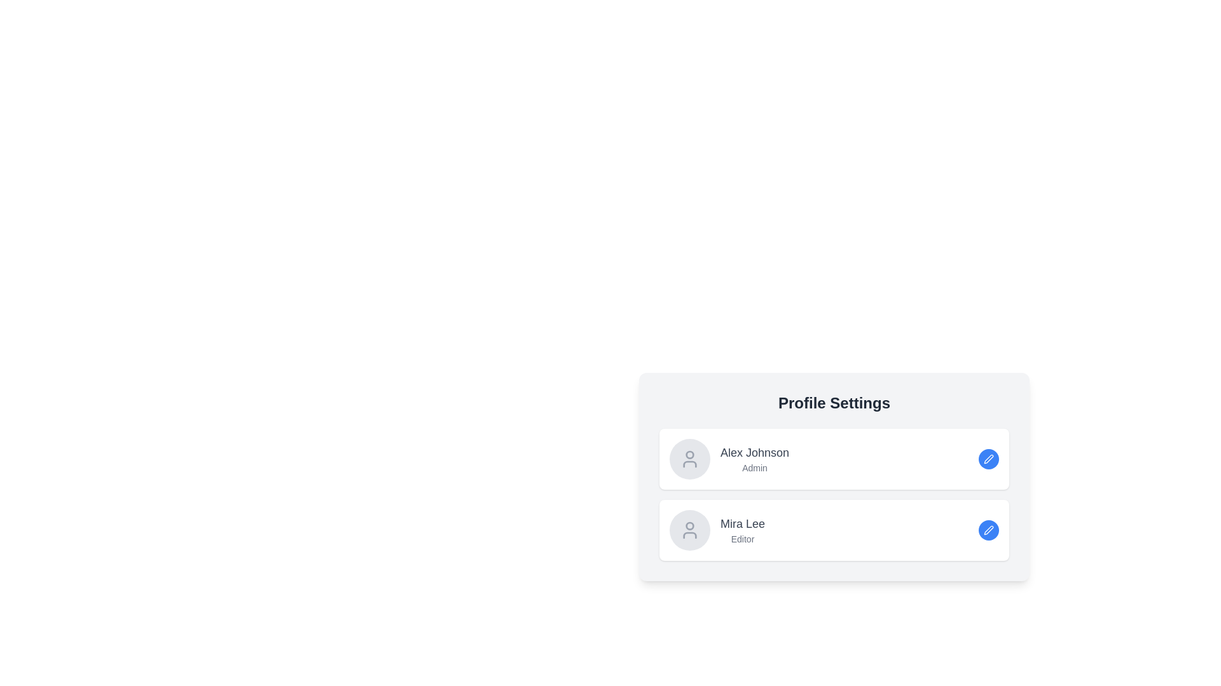 This screenshot has height=686, width=1221. What do you see at coordinates (754, 452) in the screenshot?
I see `the text label displaying 'Alex Johnson' which is located at the top of the profile entry card in the 'Profile Settings' section` at bounding box center [754, 452].